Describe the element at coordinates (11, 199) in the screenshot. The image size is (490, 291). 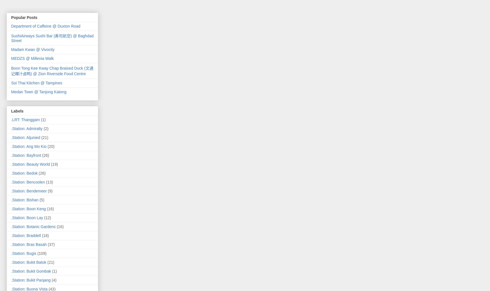
I see `'.Station: Bishan'` at that location.